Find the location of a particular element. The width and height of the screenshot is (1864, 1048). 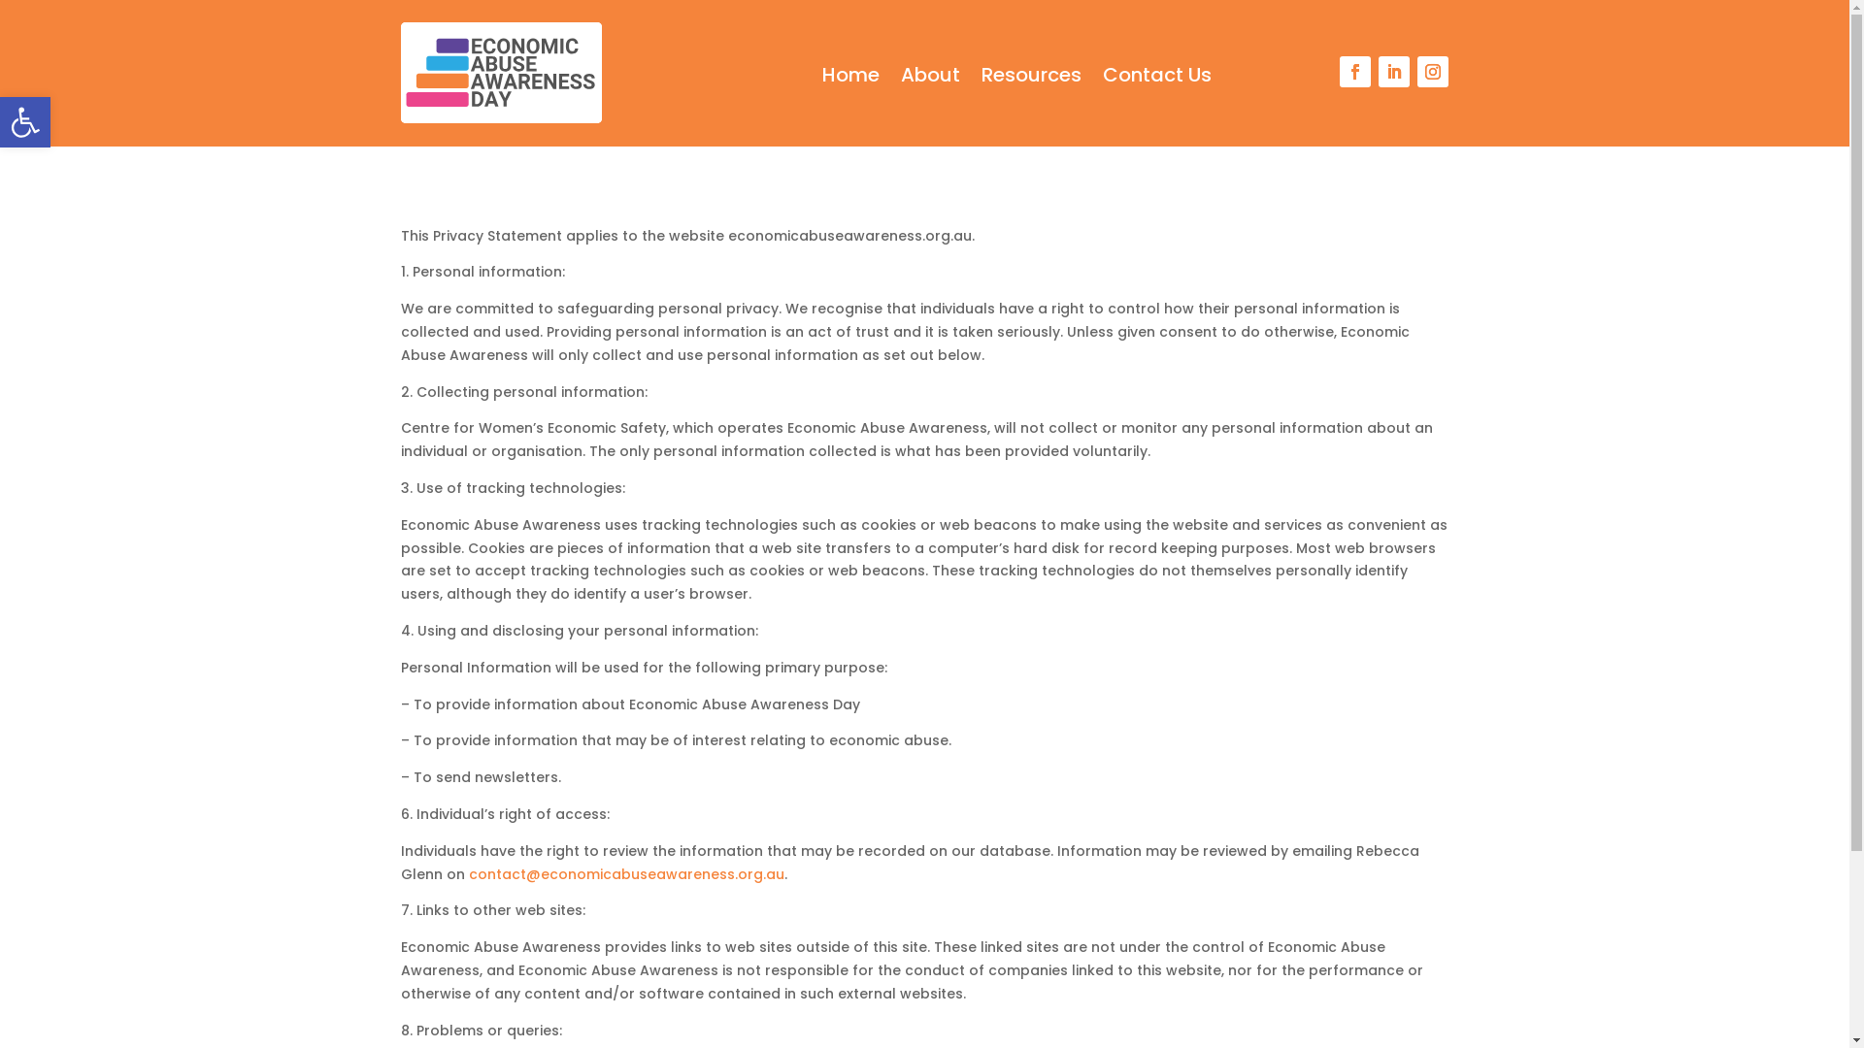

'Economic Abuse Awareness Day' is located at coordinates (399, 71).